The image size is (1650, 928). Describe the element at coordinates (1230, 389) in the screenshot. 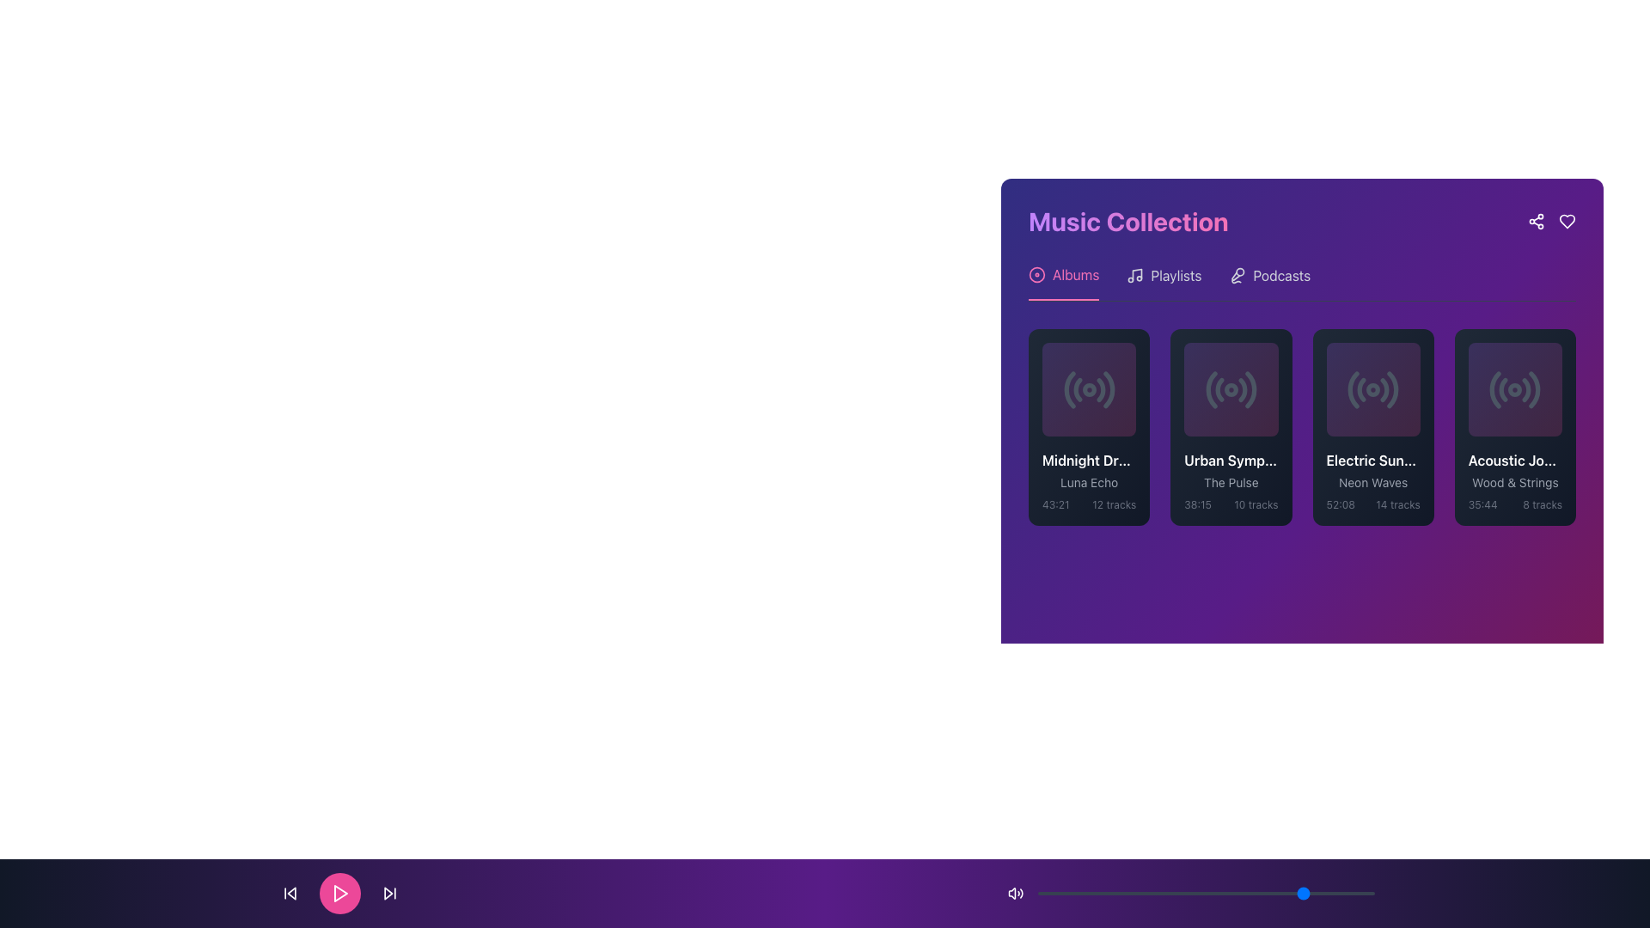

I see `the music playlist or album icon representing 'Urban Symphony' located in the second column of the grid layout in the music collection section` at that location.